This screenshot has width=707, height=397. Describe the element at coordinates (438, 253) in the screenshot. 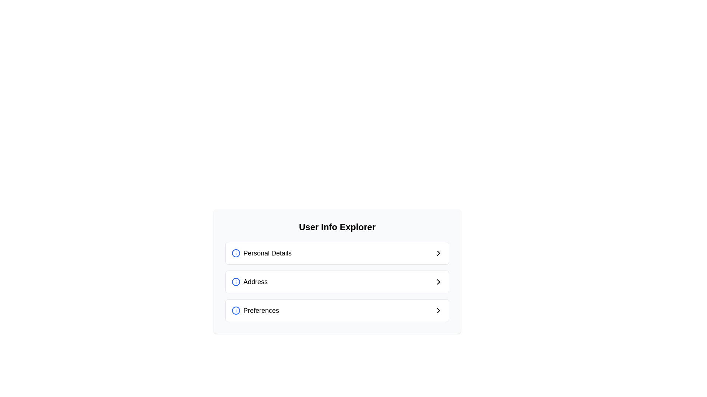

I see `the Chevron navigation icon located at the far right of the 'Personal Details' section in the 'User Info Explorer' interface` at that location.